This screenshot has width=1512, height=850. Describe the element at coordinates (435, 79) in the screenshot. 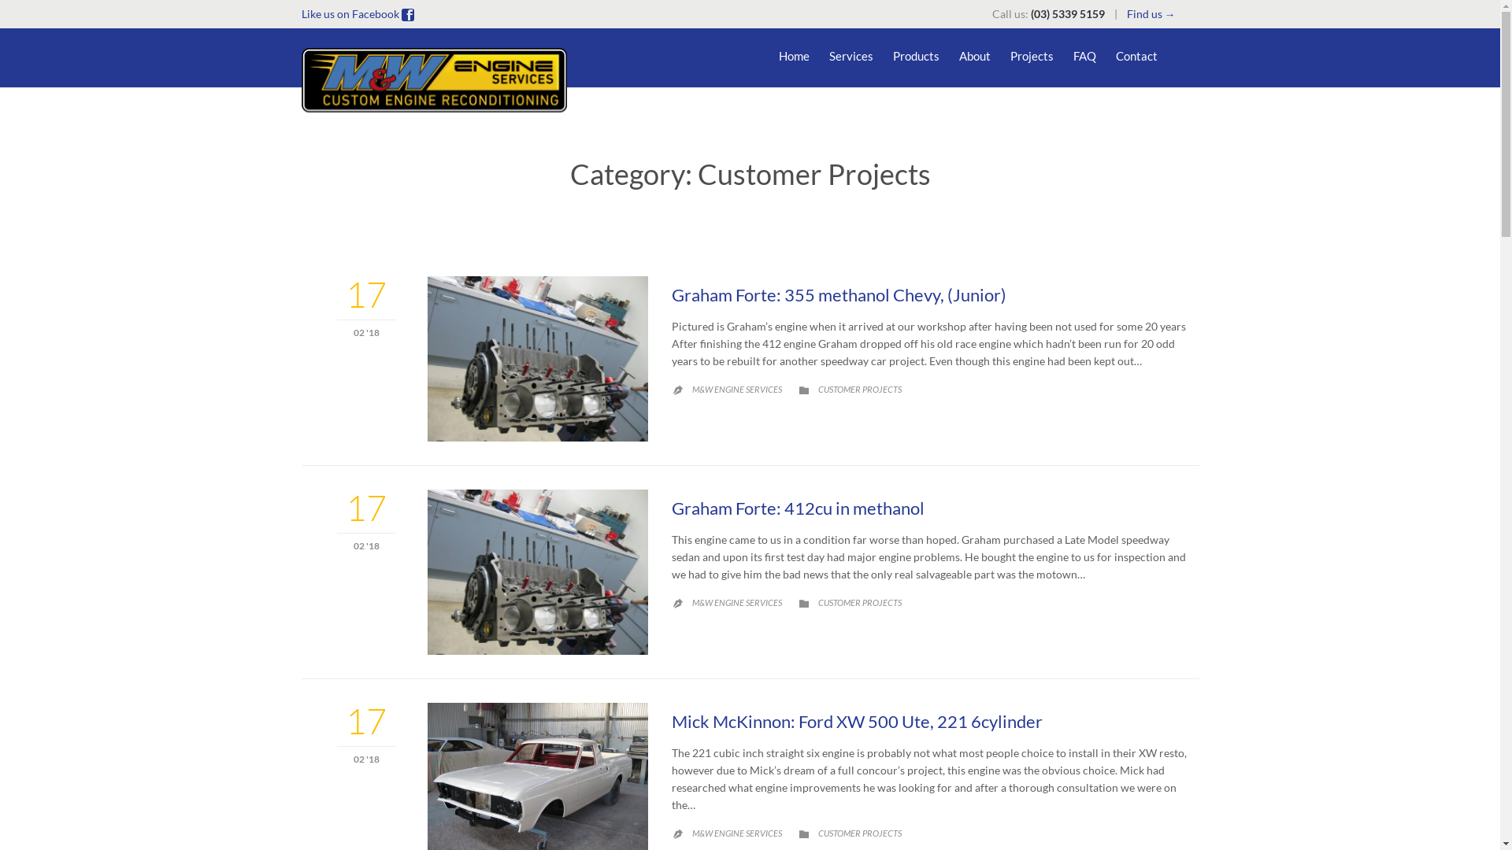

I see `'M&W Engine Services'` at that location.